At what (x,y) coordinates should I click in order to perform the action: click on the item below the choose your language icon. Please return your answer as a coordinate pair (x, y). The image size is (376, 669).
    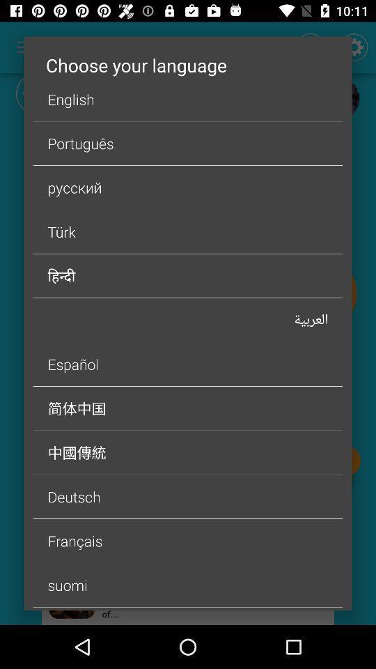
    Looking at the image, I should click on (188, 98).